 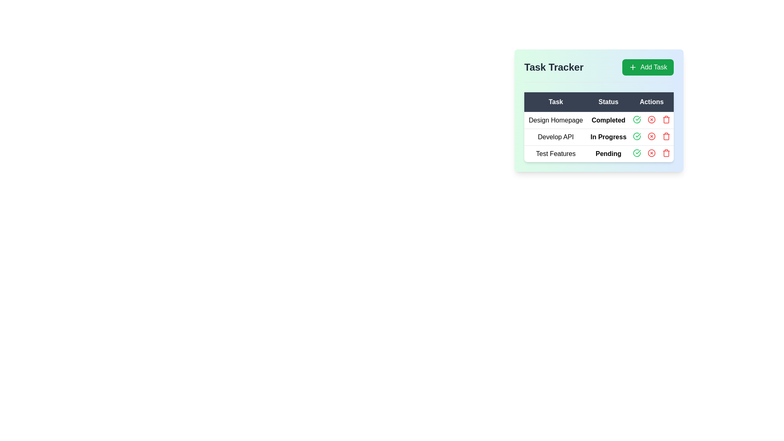 What do you see at coordinates (608, 154) in the screenshot?
I see `text of the 'Test Features' status label, which is located in the third row under the 'Status' column in the 'Task Tracker' section` at bounding box center [608, 154].